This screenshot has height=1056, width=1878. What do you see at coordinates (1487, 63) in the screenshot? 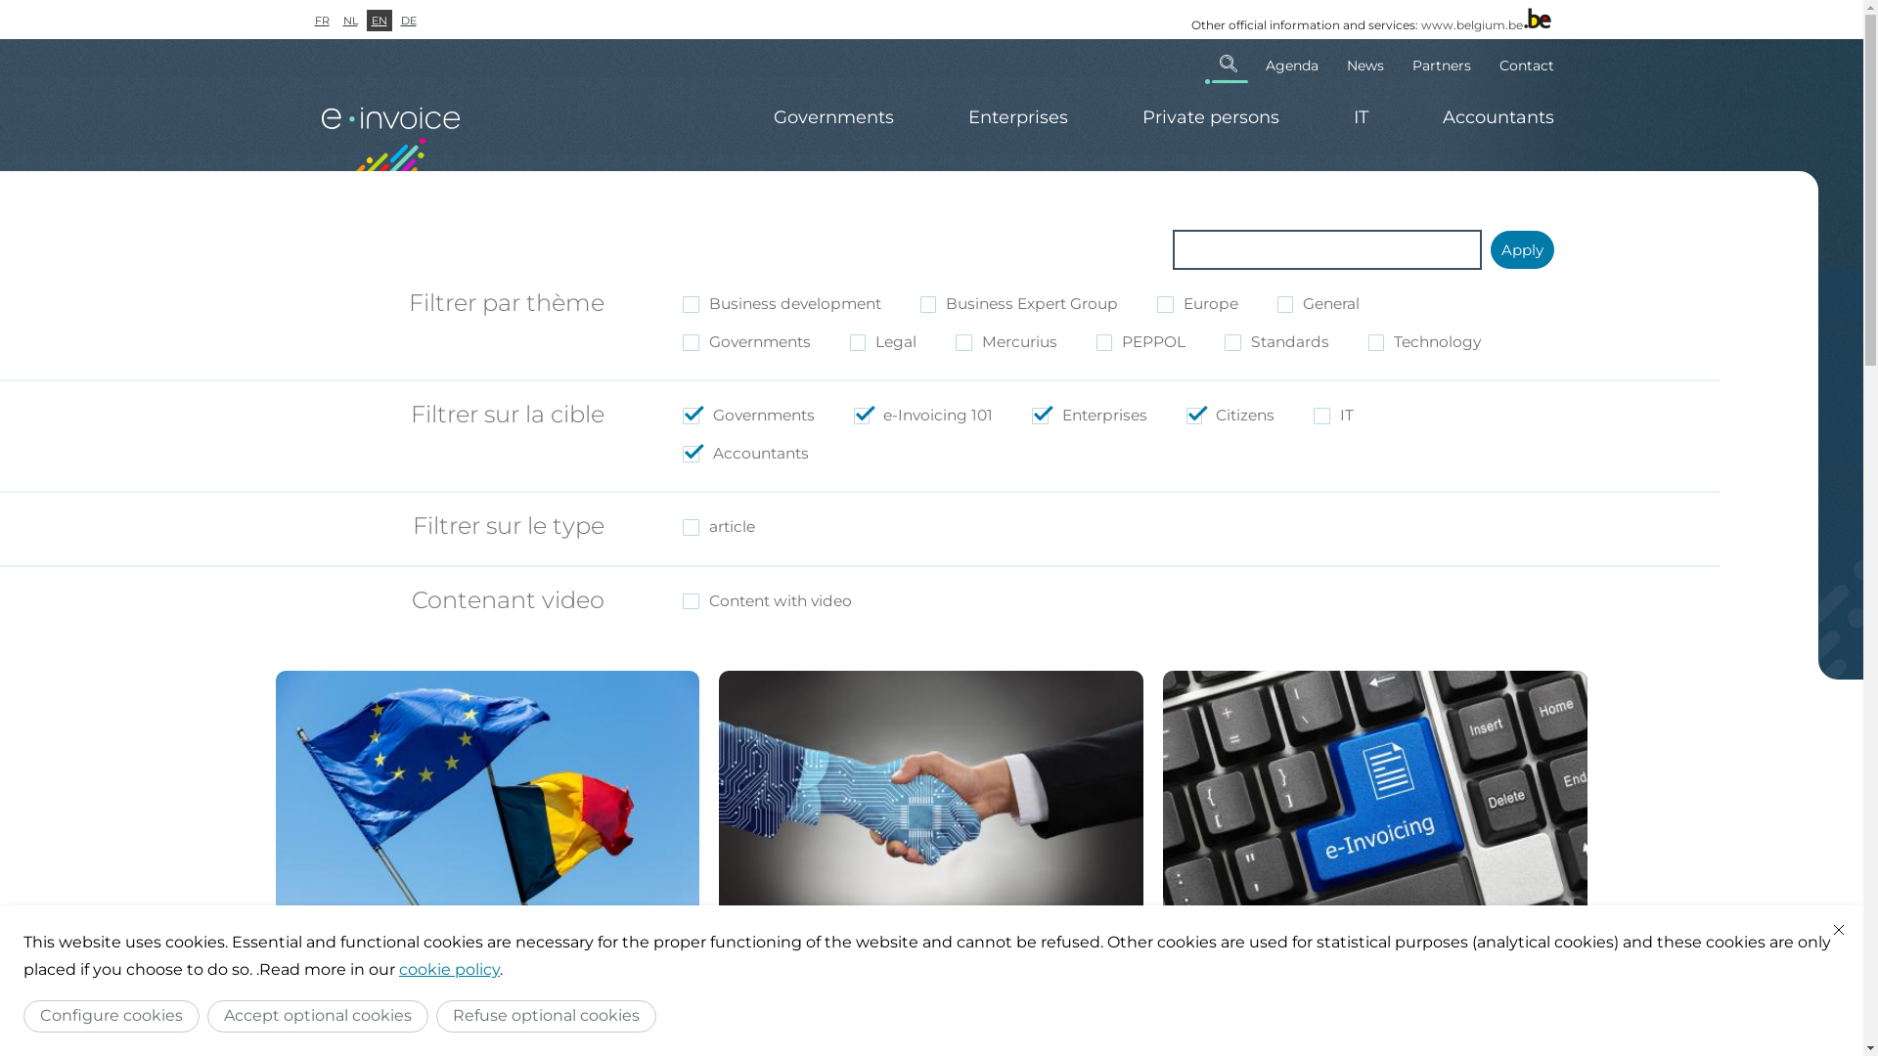
I see `'Contact'` at bounding box center [1487, 63].